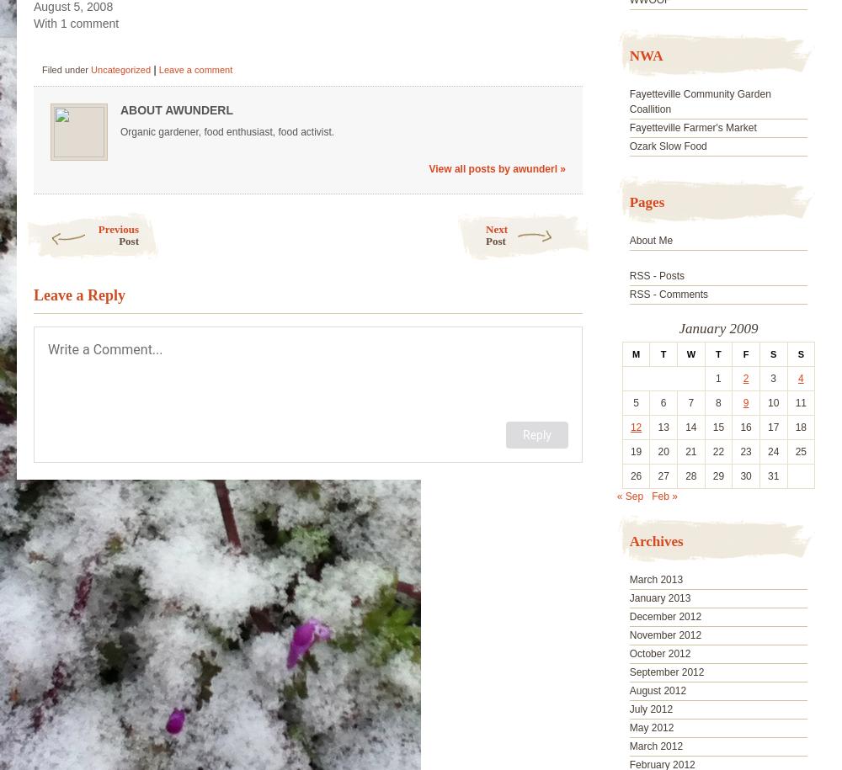 The image size is (842, 770). Describe the element at coordinates (690, 353) in the screenshot. I see `'W'` at that location.